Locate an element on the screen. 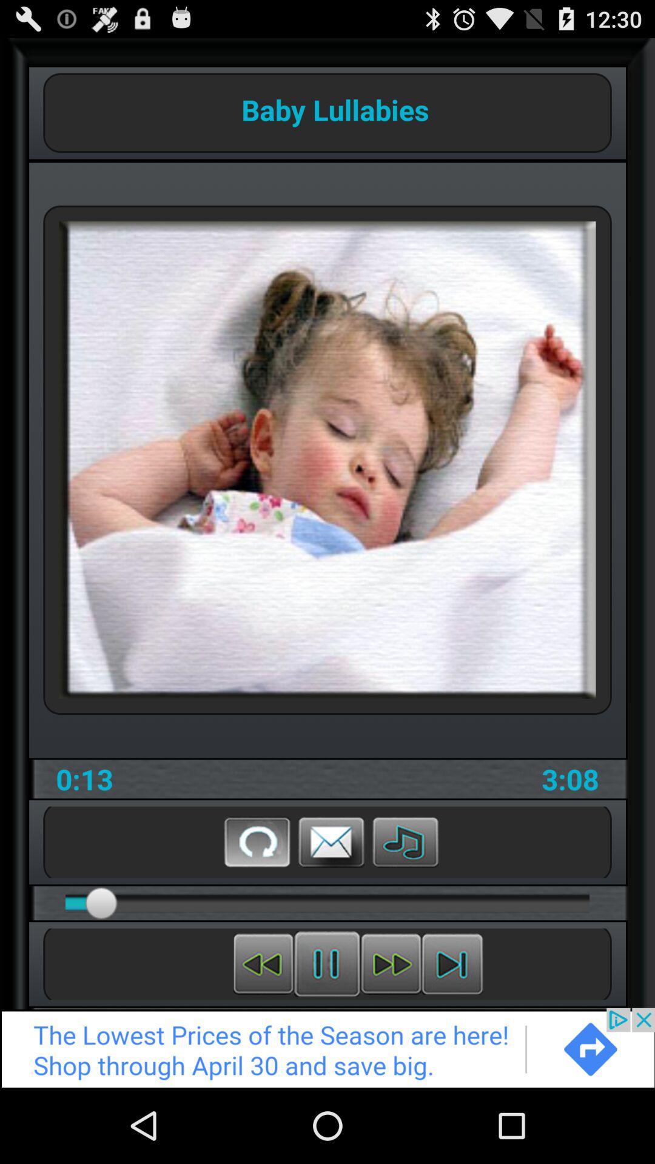 The width and height of the screenshot is (655, 1164). pause button is located at coordinates (326, 963).